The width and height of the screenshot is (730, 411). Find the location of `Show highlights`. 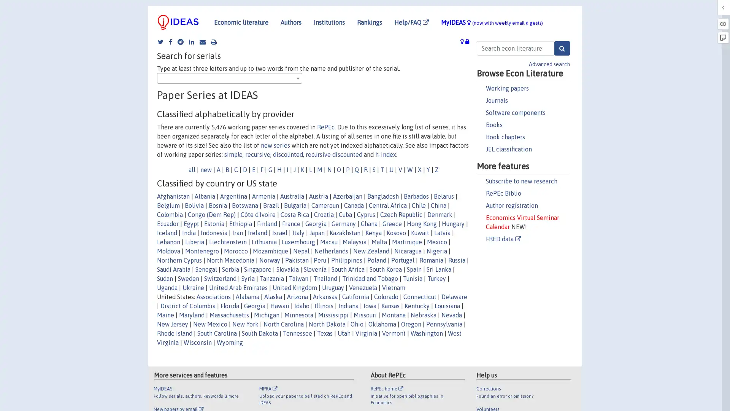

Show highlights is located at coordinates (722, 23).